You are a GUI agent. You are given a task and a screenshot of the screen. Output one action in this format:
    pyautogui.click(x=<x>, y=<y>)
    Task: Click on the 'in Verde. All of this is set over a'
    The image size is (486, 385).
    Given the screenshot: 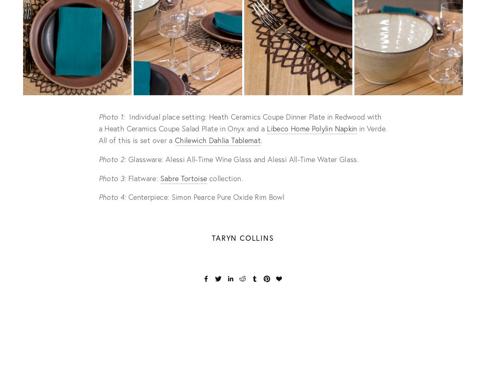 What is the action you would take?
    pyautogui.click(x=244, y=134)
    